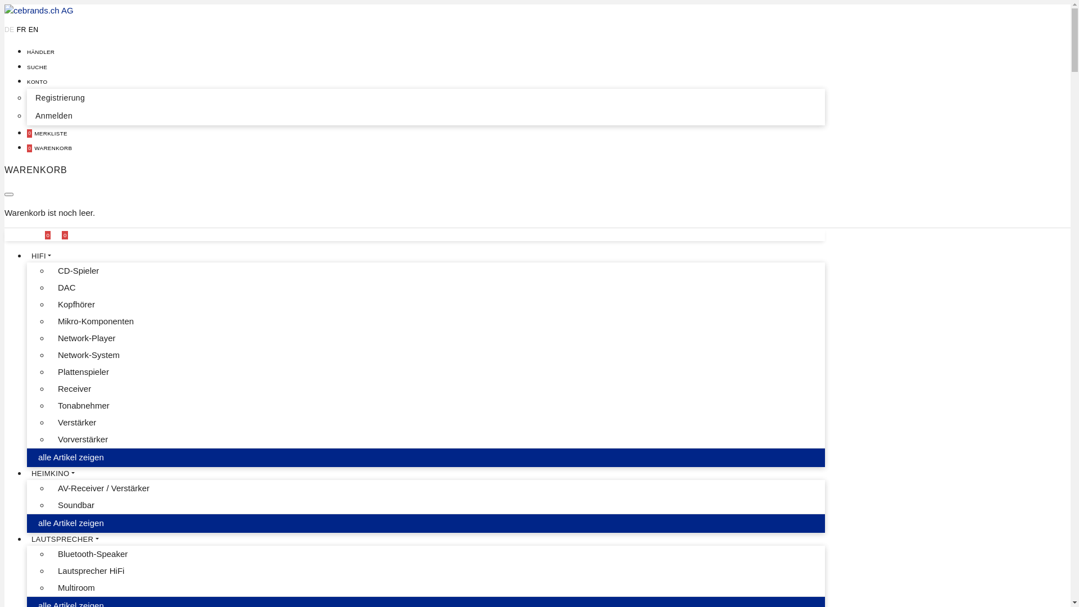 The image size is (1079, 607). Describe the element at coordinates (37, 80) in the screenshot. I see `'KONTO'` at that location.